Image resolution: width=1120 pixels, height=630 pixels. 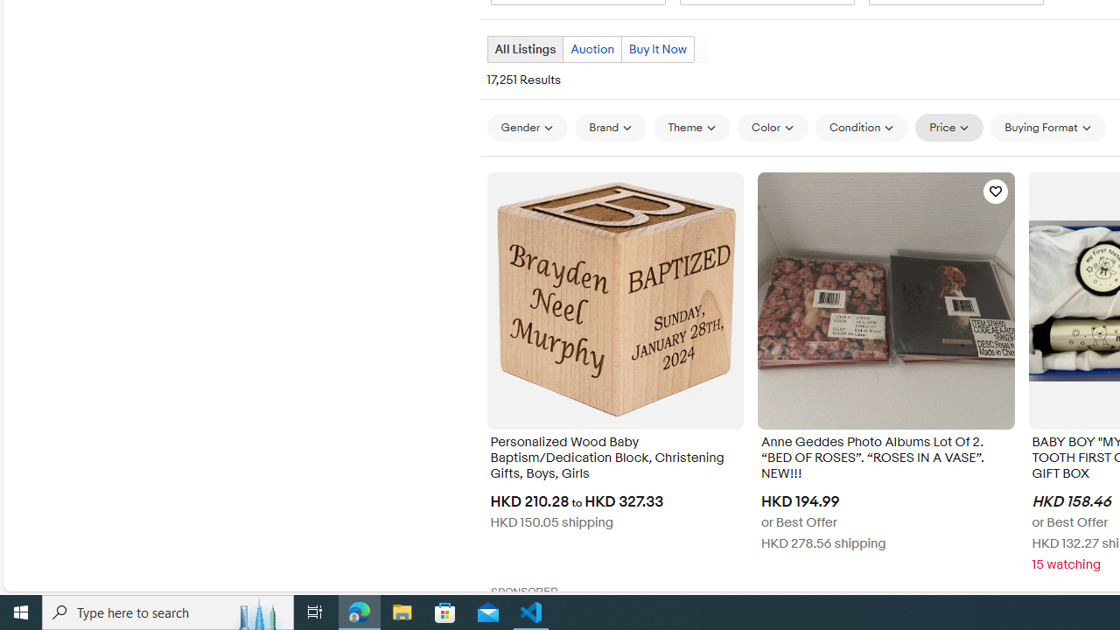 What do you see at coordinates (611, 126) in the screenshot?
I see `'Brand'` at bounding box center [611, 126].